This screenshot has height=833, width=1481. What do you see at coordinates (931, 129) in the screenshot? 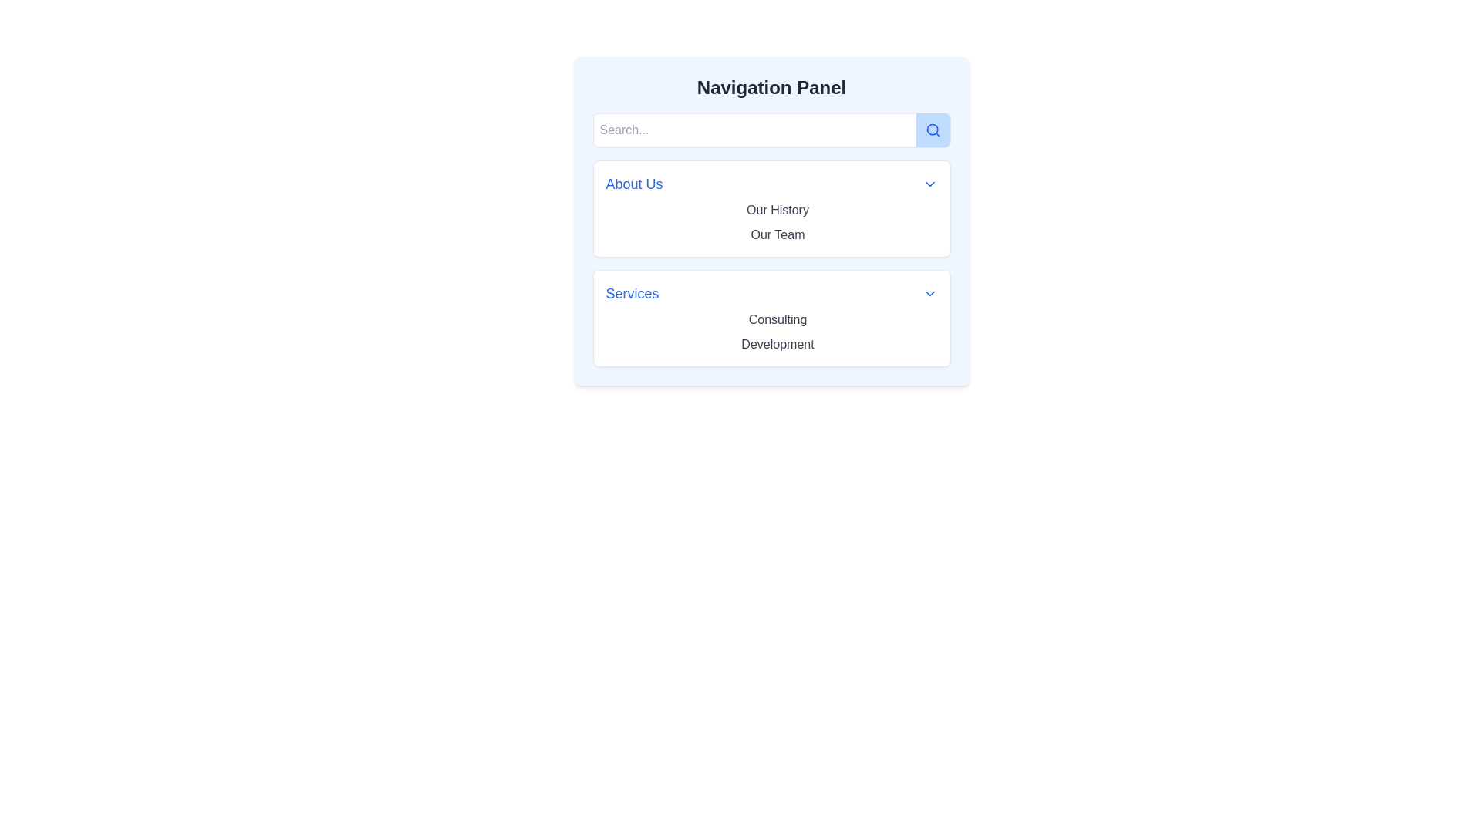
I see `the visual decorative component of the search icon located at the upper right corner of the navigation panel interface` at bounding box center [931, 129].